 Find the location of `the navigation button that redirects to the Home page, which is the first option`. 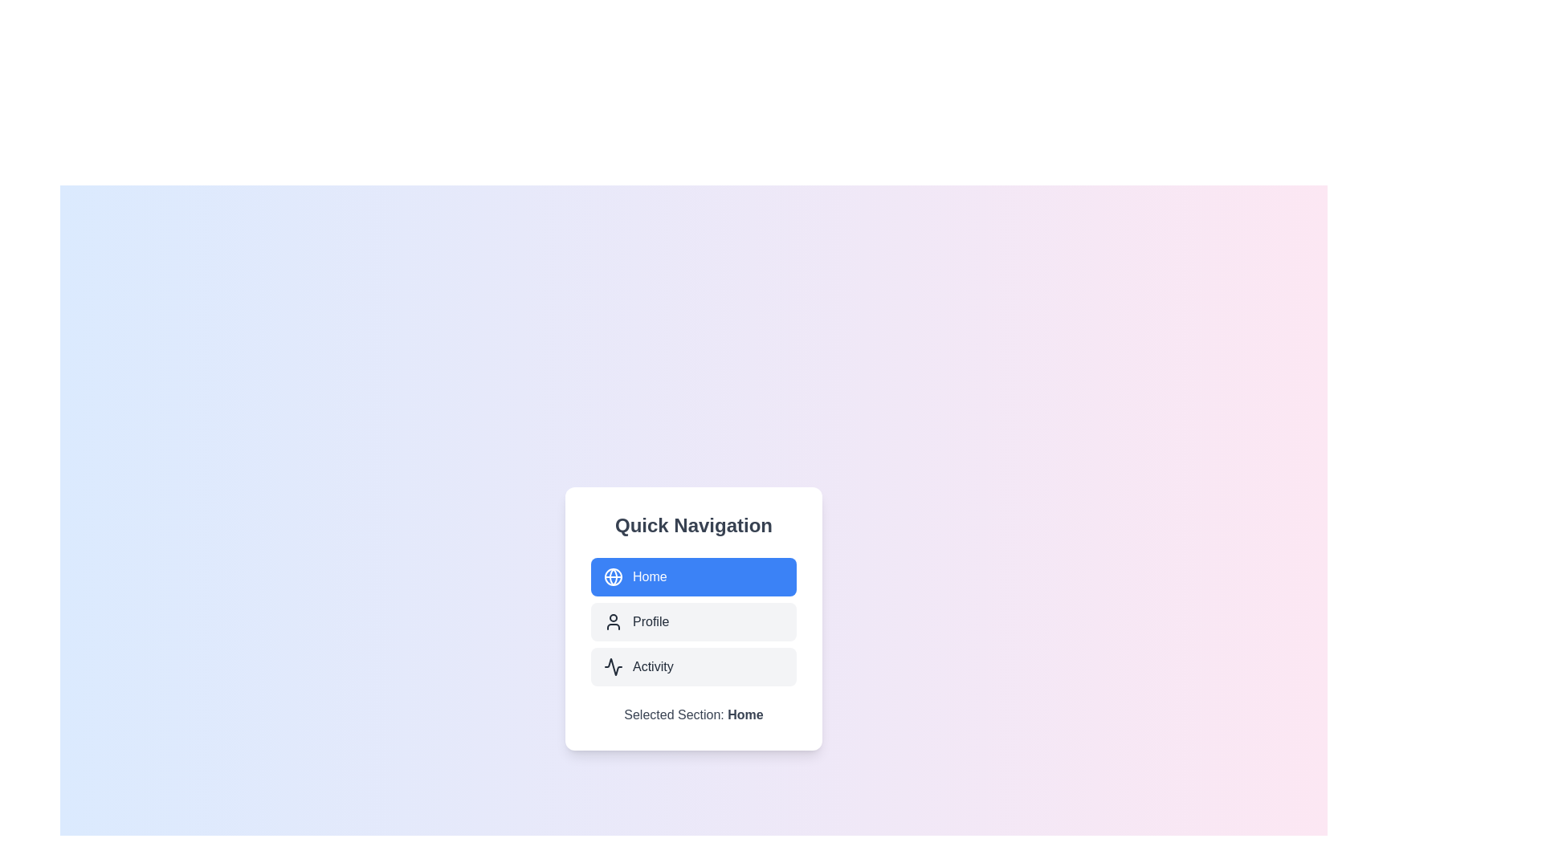

the navigation button that redirects to the Home page, which is the first option is located at coordinates (694, 576).